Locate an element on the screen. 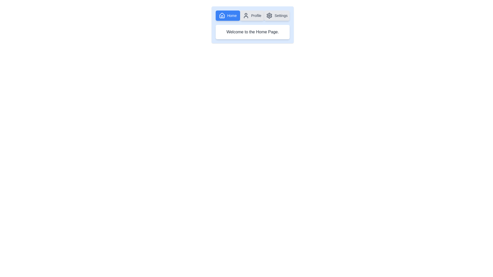 The height and width of the screenshot is (277, 493). the user avatar icon, which is the leftmost element within the 'Profile' button located in the top menu bar is located at coordinates (246, 15).